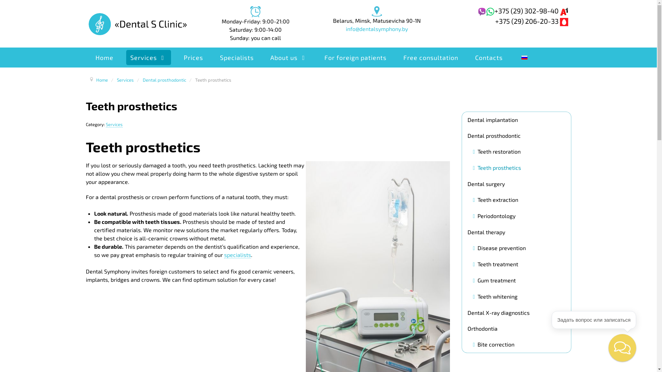 The height and width of the screenshot is (372, 662). What do you see at coordinates (516, 231) in the screenshot?
I see `'Dental therapy'` at bounding box center [516, 231].